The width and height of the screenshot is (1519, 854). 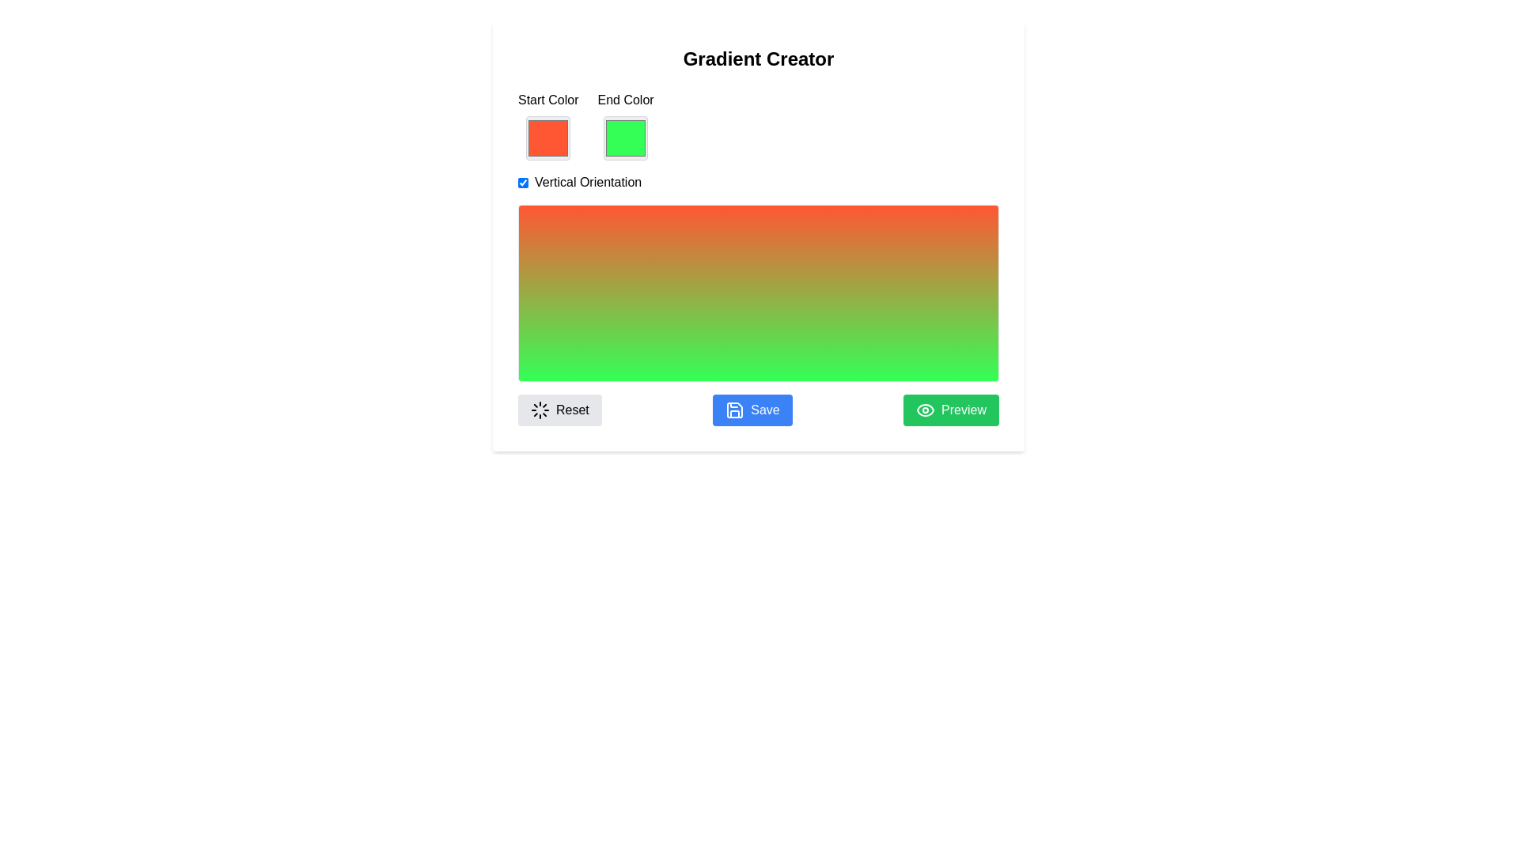 I want to click on the floppy disk icon that represents the 'Save' button, located at the bottom center of the interface, so click(x=734, y=410).